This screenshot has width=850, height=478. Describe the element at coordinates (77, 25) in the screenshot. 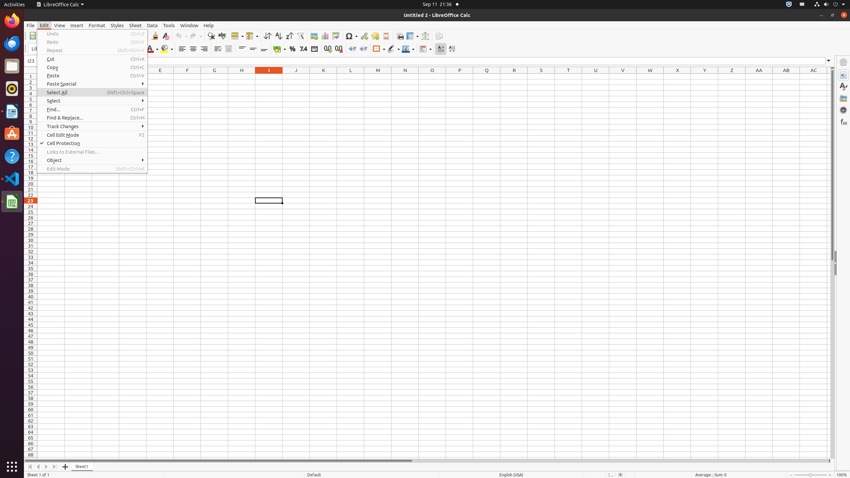

I see `'Insert'` at that location.